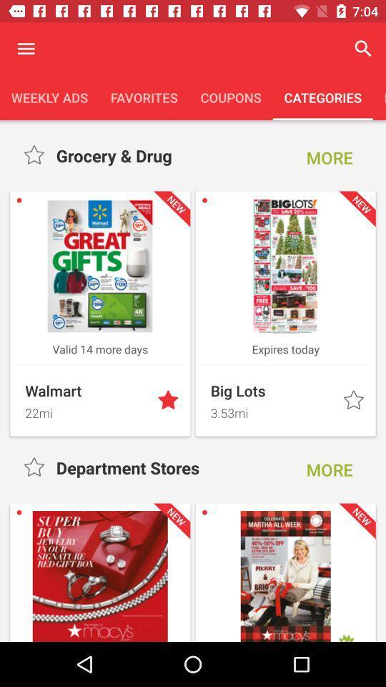  I want to click on category, so click(35, 467).